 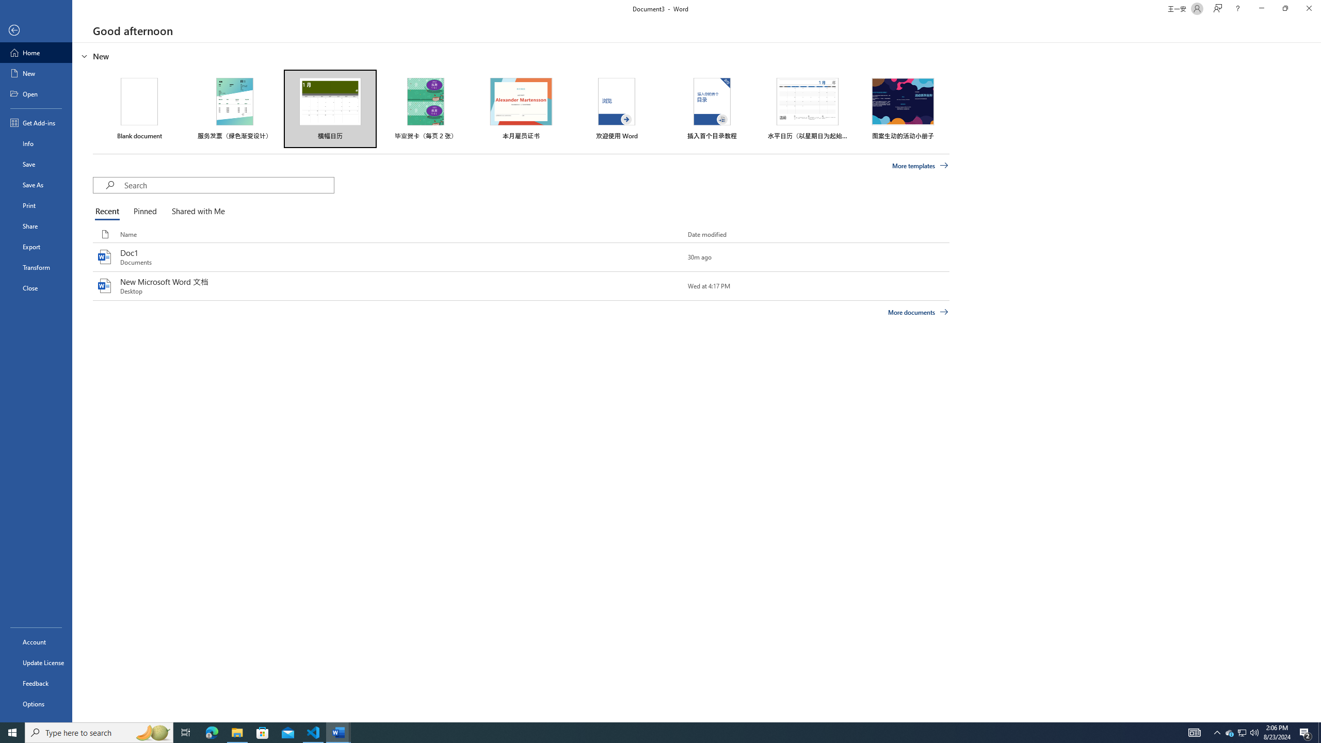 I want to click on 'Transform', so click(x=36, y=267).